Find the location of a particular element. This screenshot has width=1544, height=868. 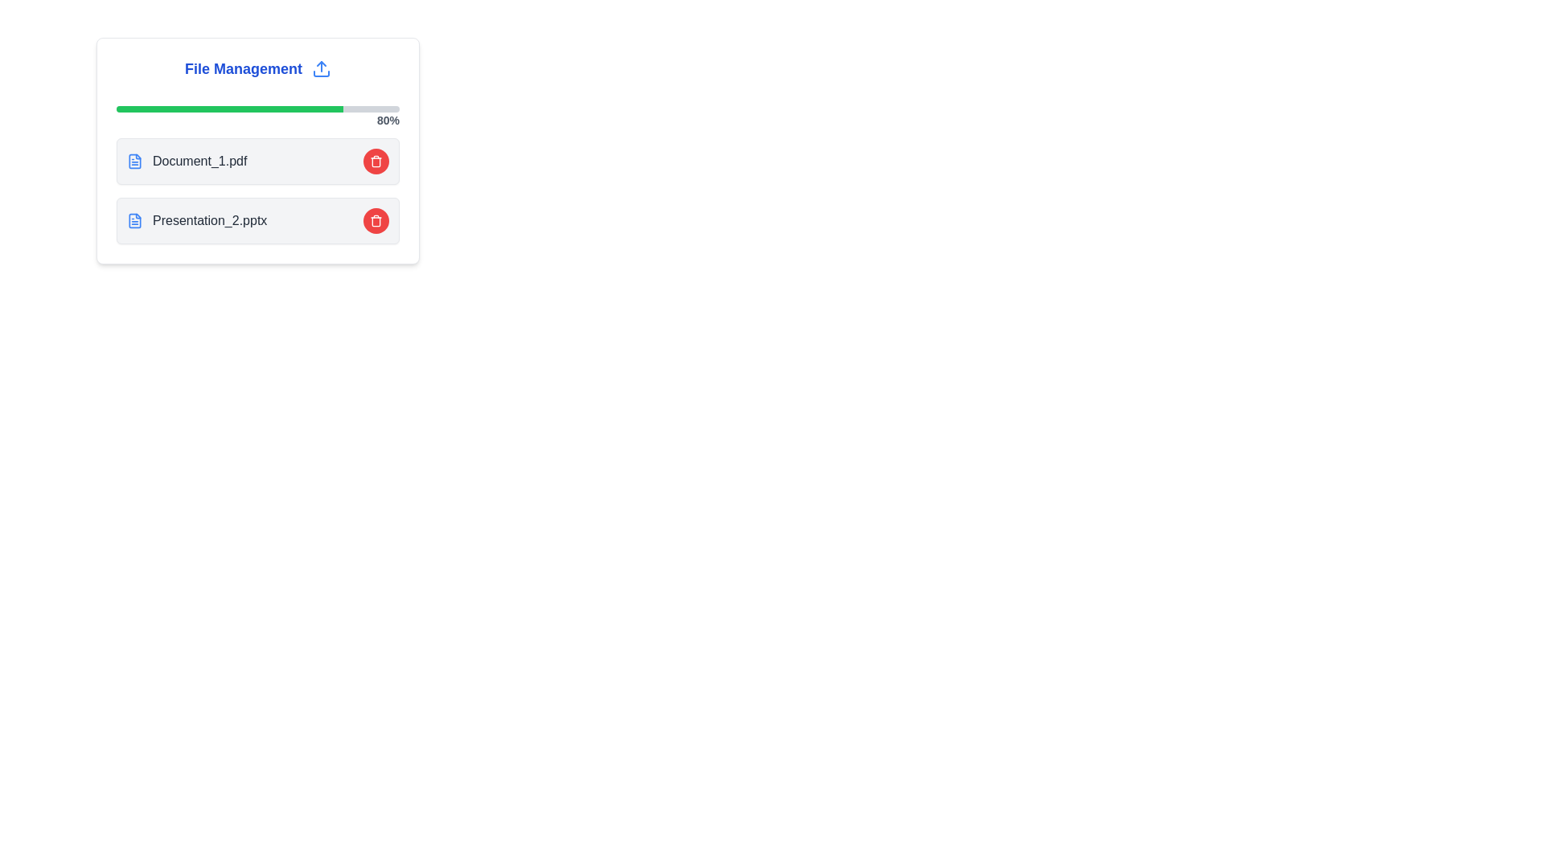

the body of the trash icon within the SVG element, which represents the delete action for the respective file listing is located at coordinates (375, 162).